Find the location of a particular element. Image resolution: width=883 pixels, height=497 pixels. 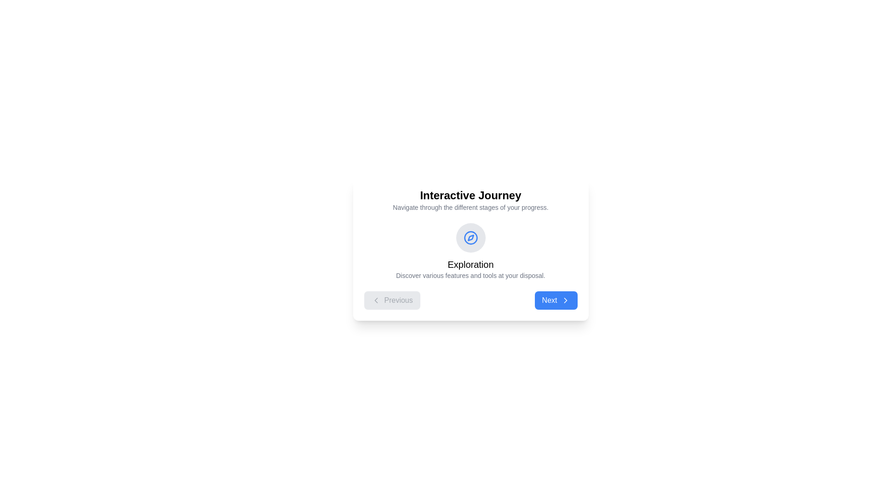

the 'Exploration' icon located at the center of the section below the header 'Interactive Journey' and above the descriptive text is located at coordinates (470, 237).